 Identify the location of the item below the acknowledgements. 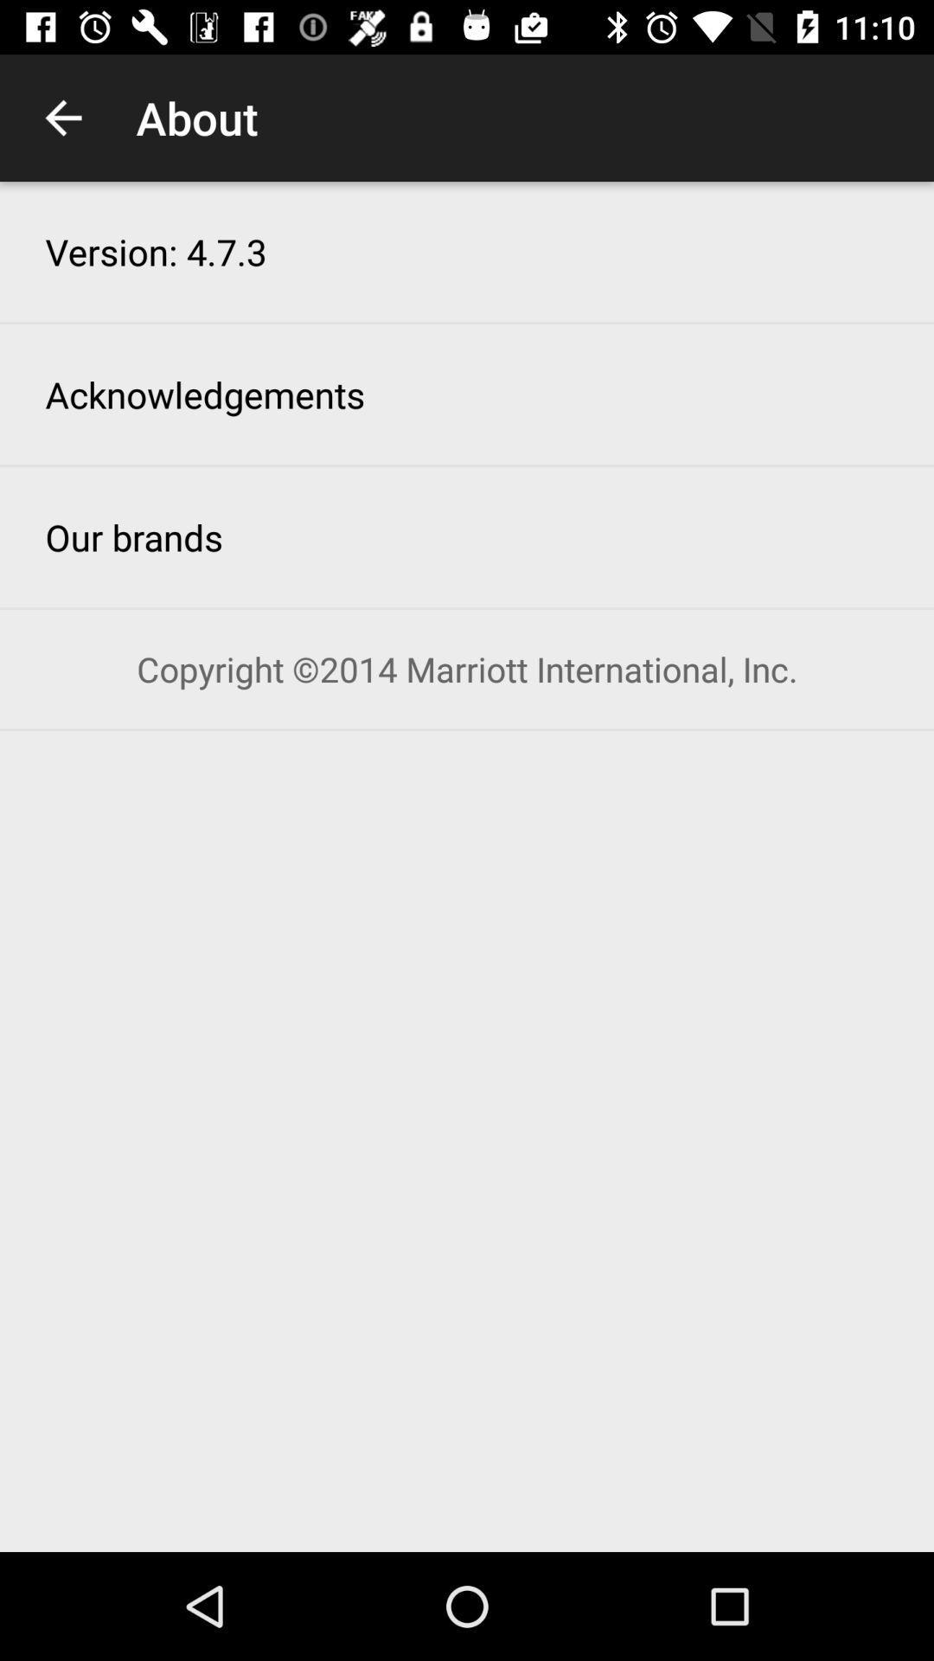
(133, 535).